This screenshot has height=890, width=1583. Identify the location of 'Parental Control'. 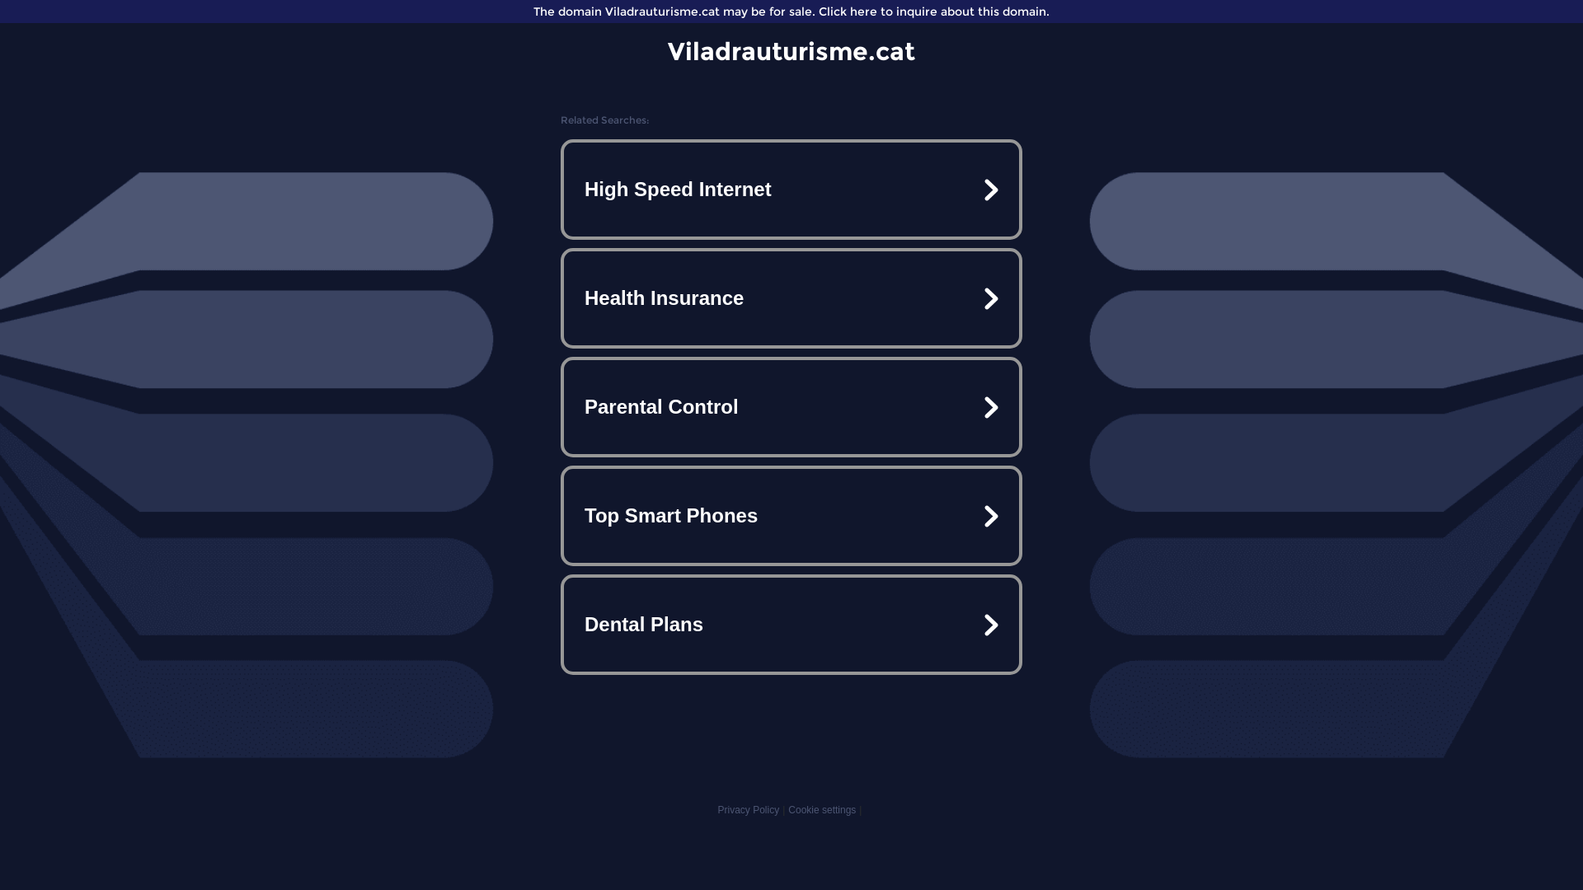
(791, 406).